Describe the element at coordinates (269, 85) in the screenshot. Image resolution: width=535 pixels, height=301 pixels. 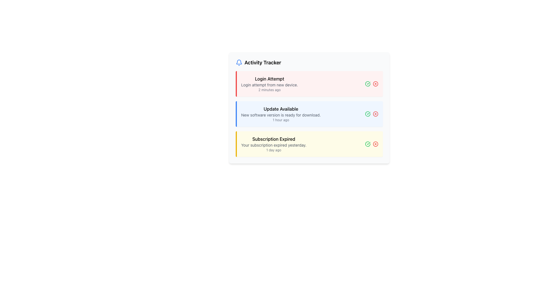
I see `the text label that reads 'Login attempt from new device.' which is styled in small gray font and is located within a red-highlighted notification panel, positioned under the title 'Login Attempt'` at that location.